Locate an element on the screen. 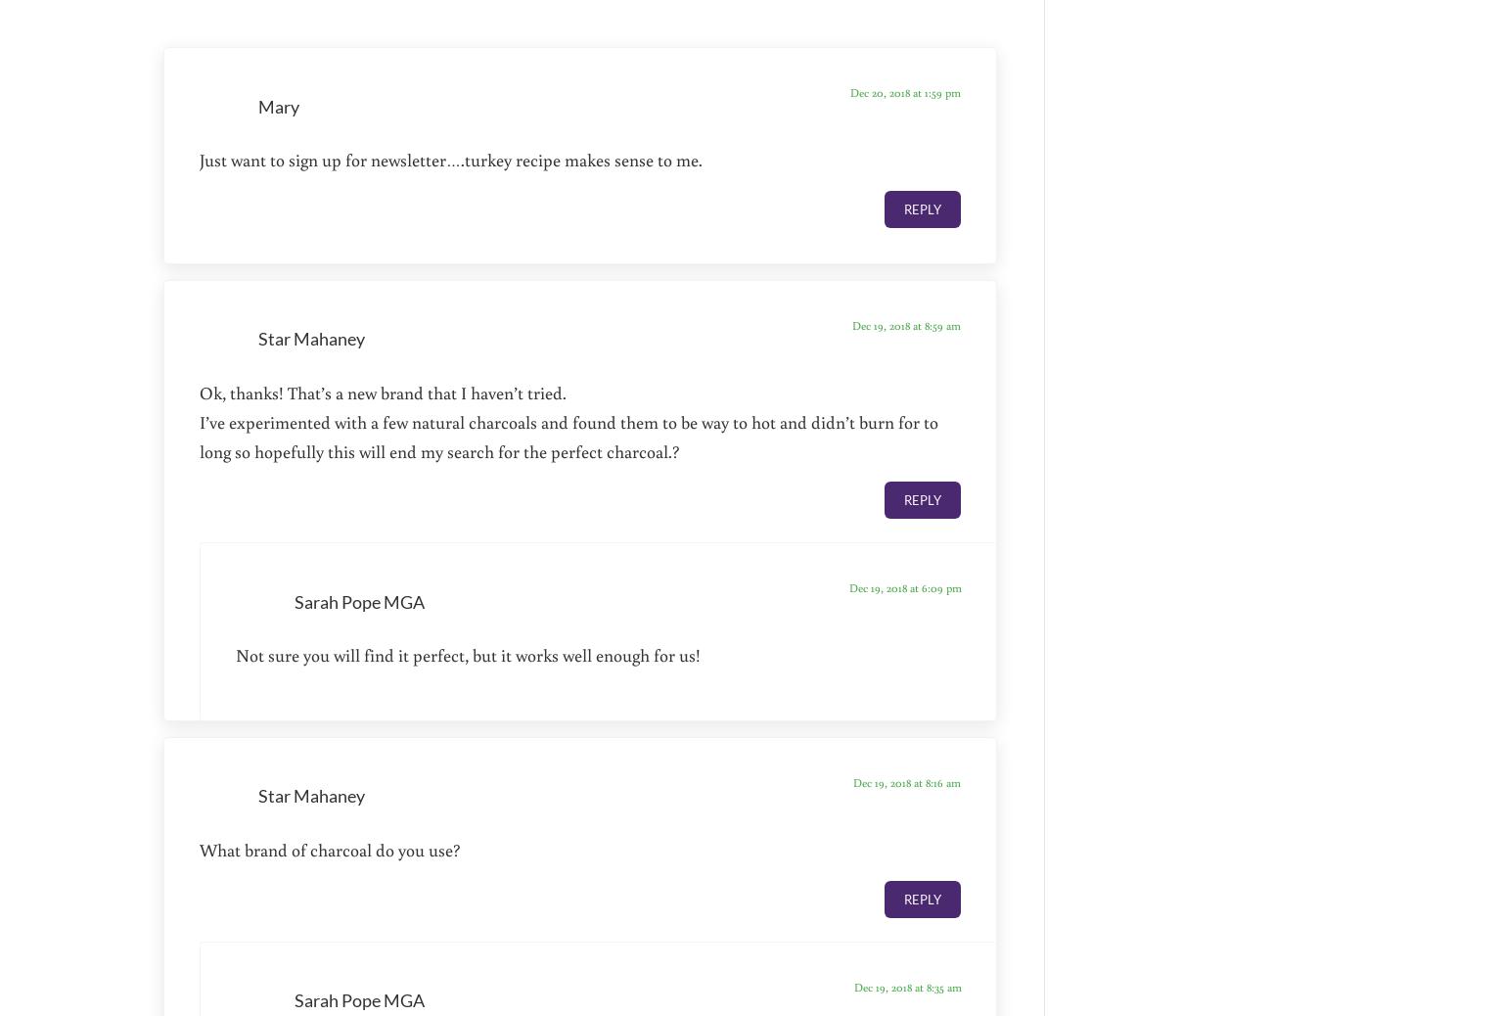  'Just want to sign up for newsletter….turkey recipe makes sense to me.' is located at coordinates (449, 158).